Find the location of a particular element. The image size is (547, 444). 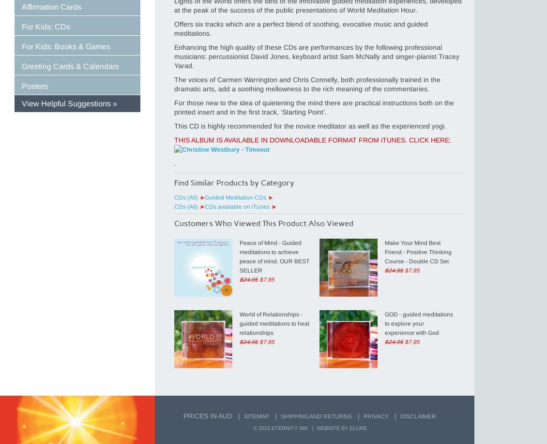

'For Kids: CDs' is located at coordinates (46, 27).